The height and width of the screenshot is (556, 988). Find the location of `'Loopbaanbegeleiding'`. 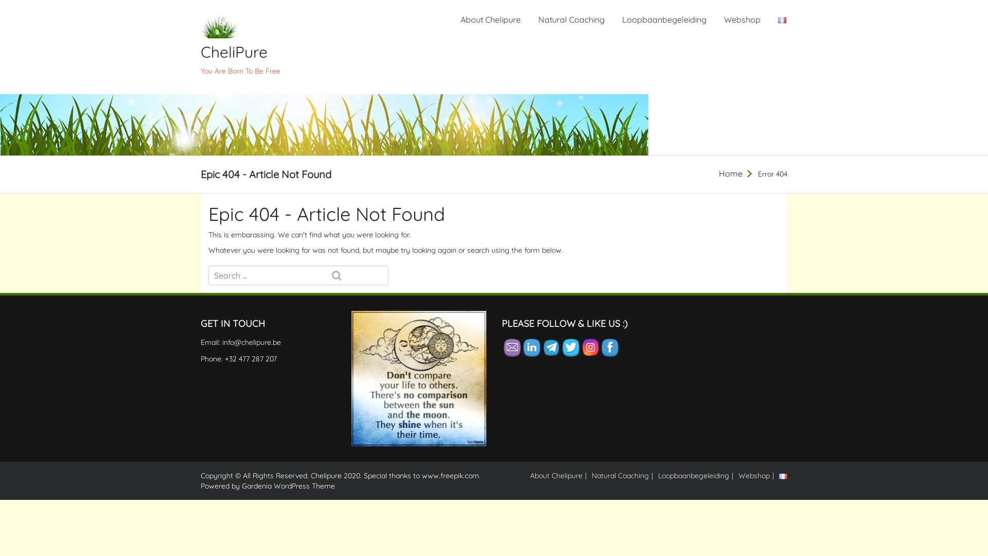

'Loopbaanbegeleiding' is located at coordinates (664, 20).